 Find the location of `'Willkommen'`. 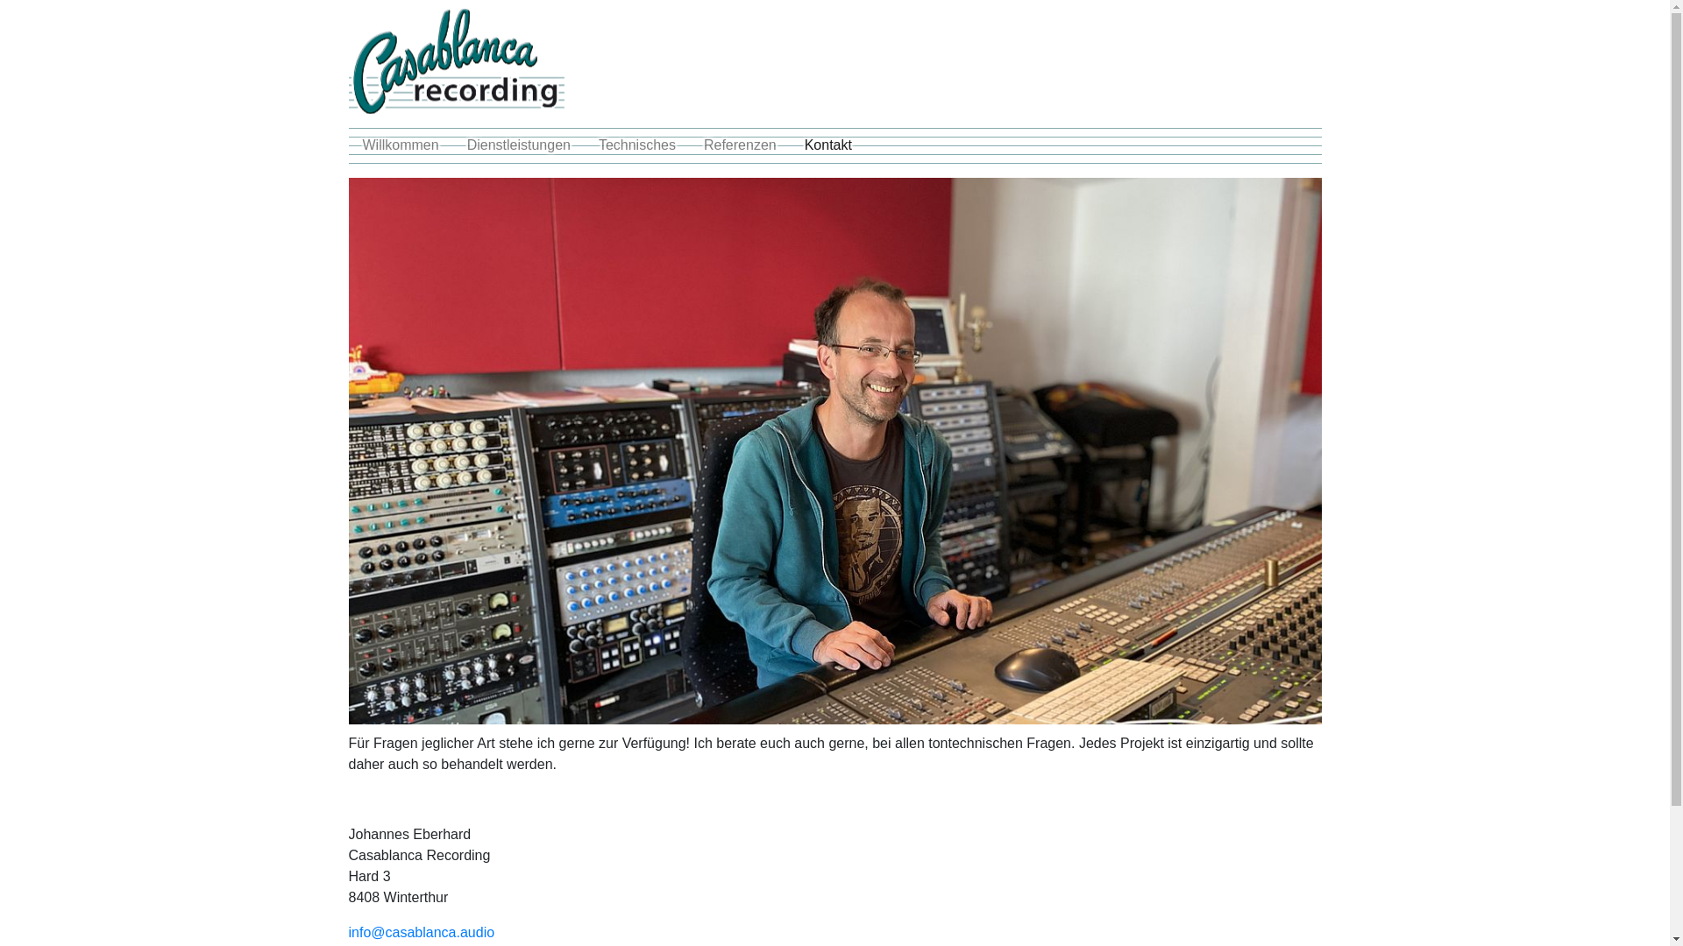

'Willkommen' is located at coordinates (400, 144).